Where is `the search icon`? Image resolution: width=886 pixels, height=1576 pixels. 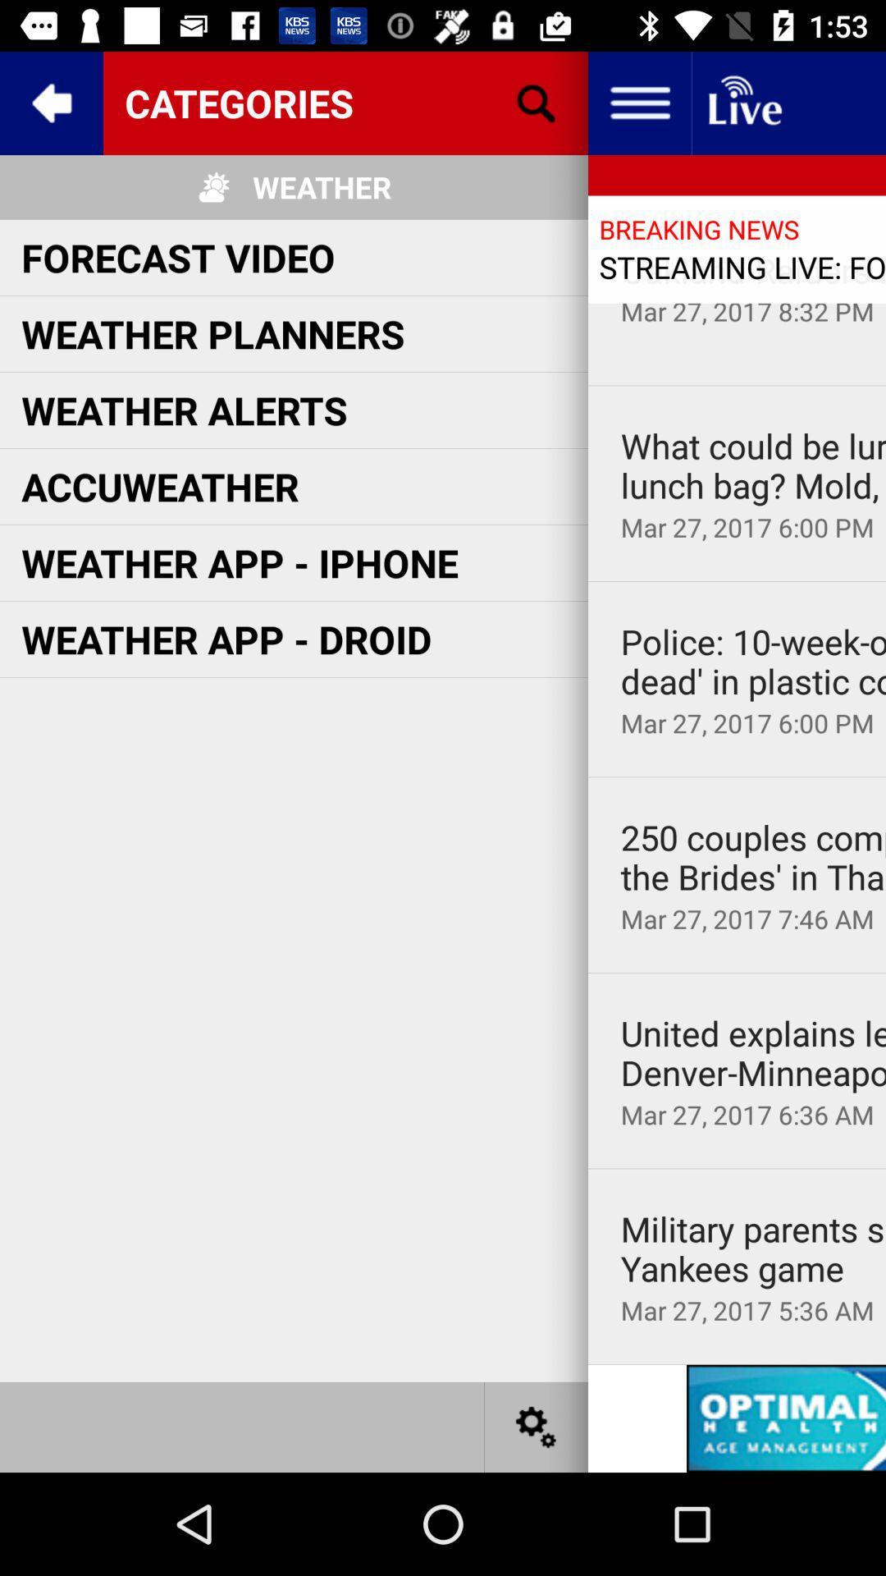
the search icon is located at coordinates (537, 102).